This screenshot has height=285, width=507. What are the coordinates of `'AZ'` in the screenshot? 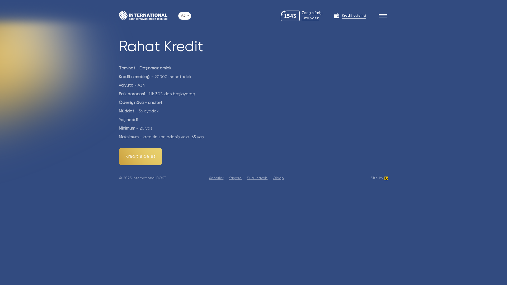 It's located at (185, 16).